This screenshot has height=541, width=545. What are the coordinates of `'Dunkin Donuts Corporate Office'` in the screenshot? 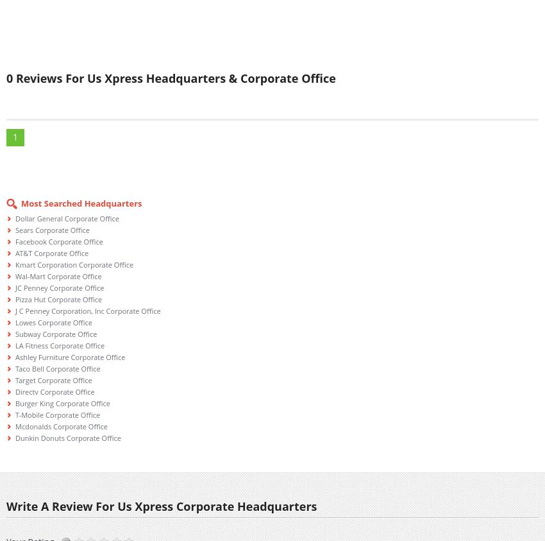 It's located at (67, 437).